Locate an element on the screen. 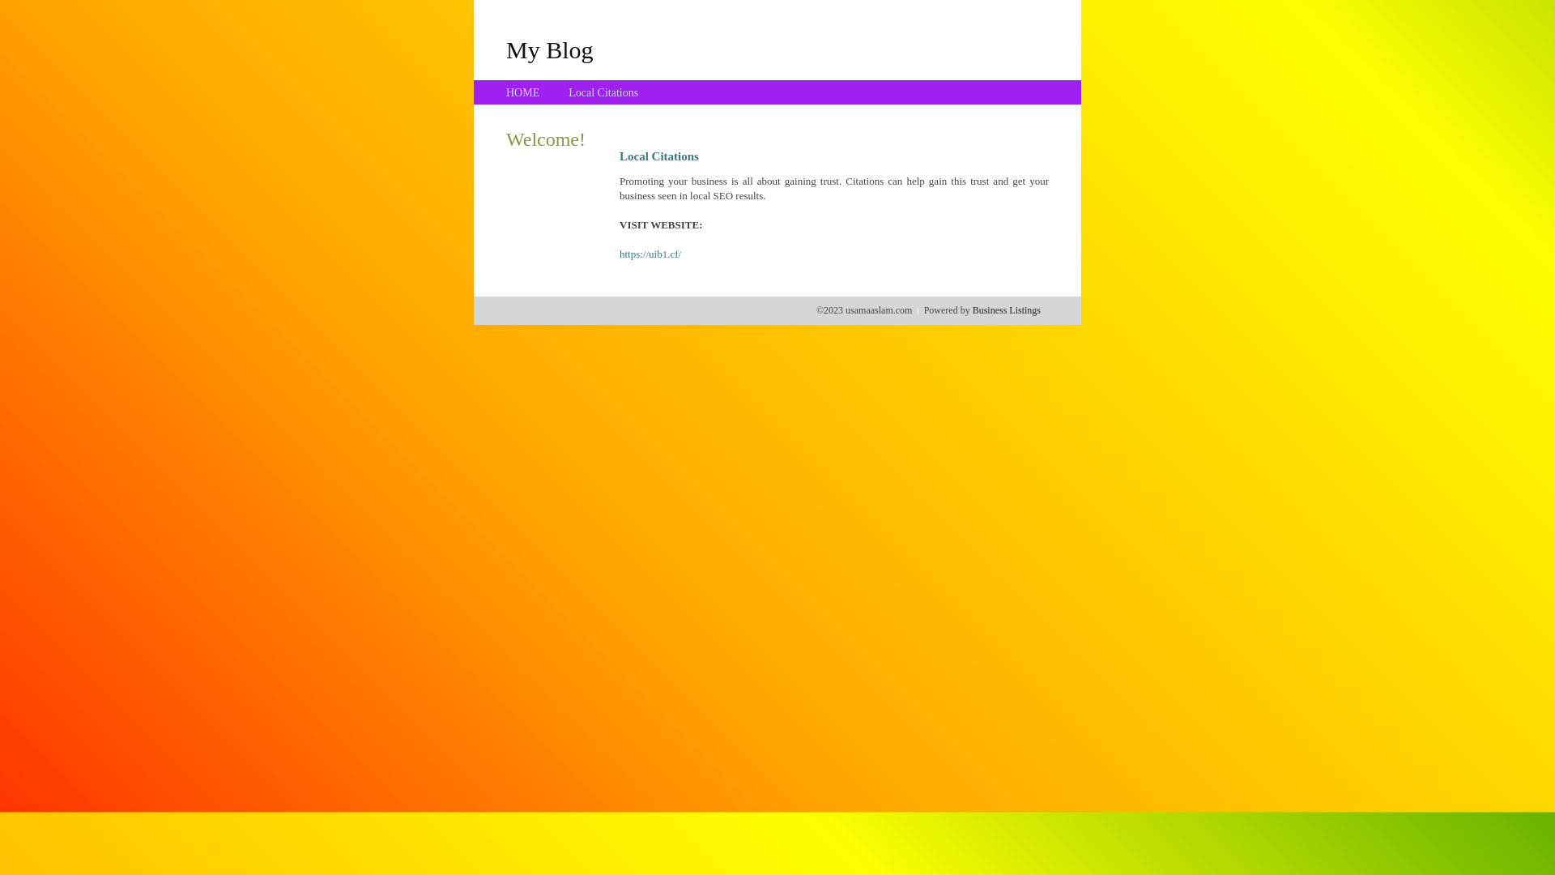  'HOME' is located at coordinates (522, 92).